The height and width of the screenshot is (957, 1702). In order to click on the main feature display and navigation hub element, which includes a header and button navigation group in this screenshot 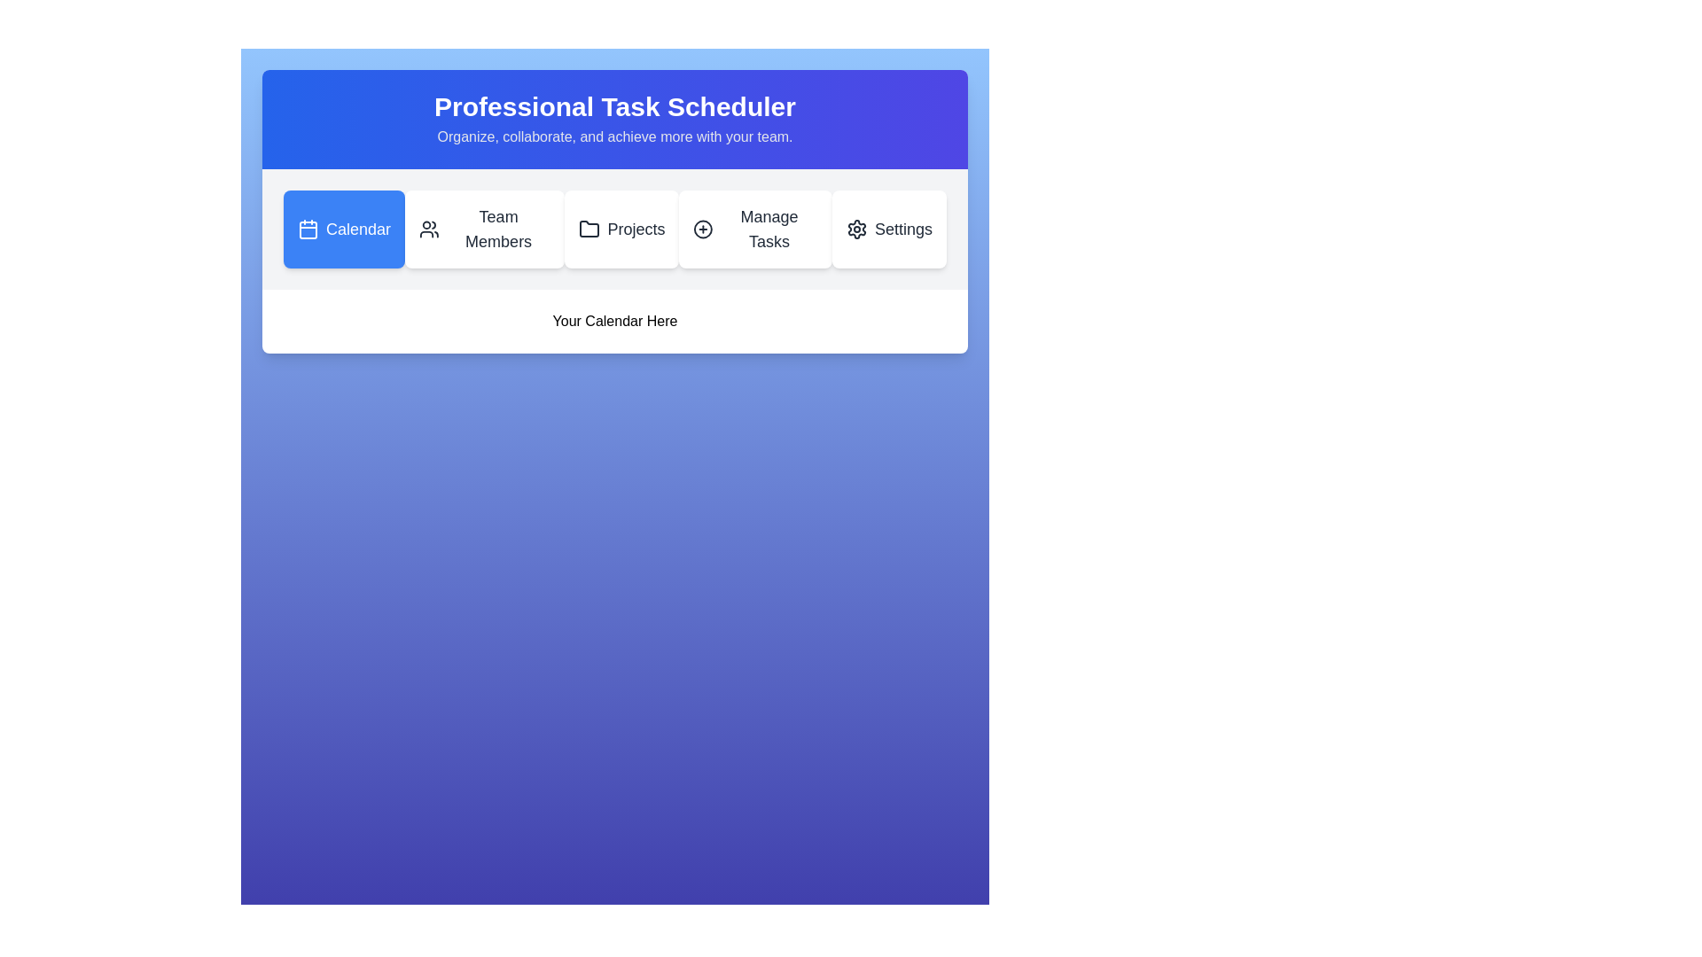, I will do `click(615, 211)`.